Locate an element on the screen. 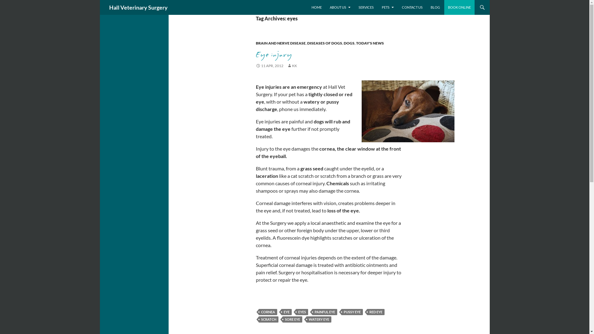  'Eye injury' is located at coordinates (273, 54).